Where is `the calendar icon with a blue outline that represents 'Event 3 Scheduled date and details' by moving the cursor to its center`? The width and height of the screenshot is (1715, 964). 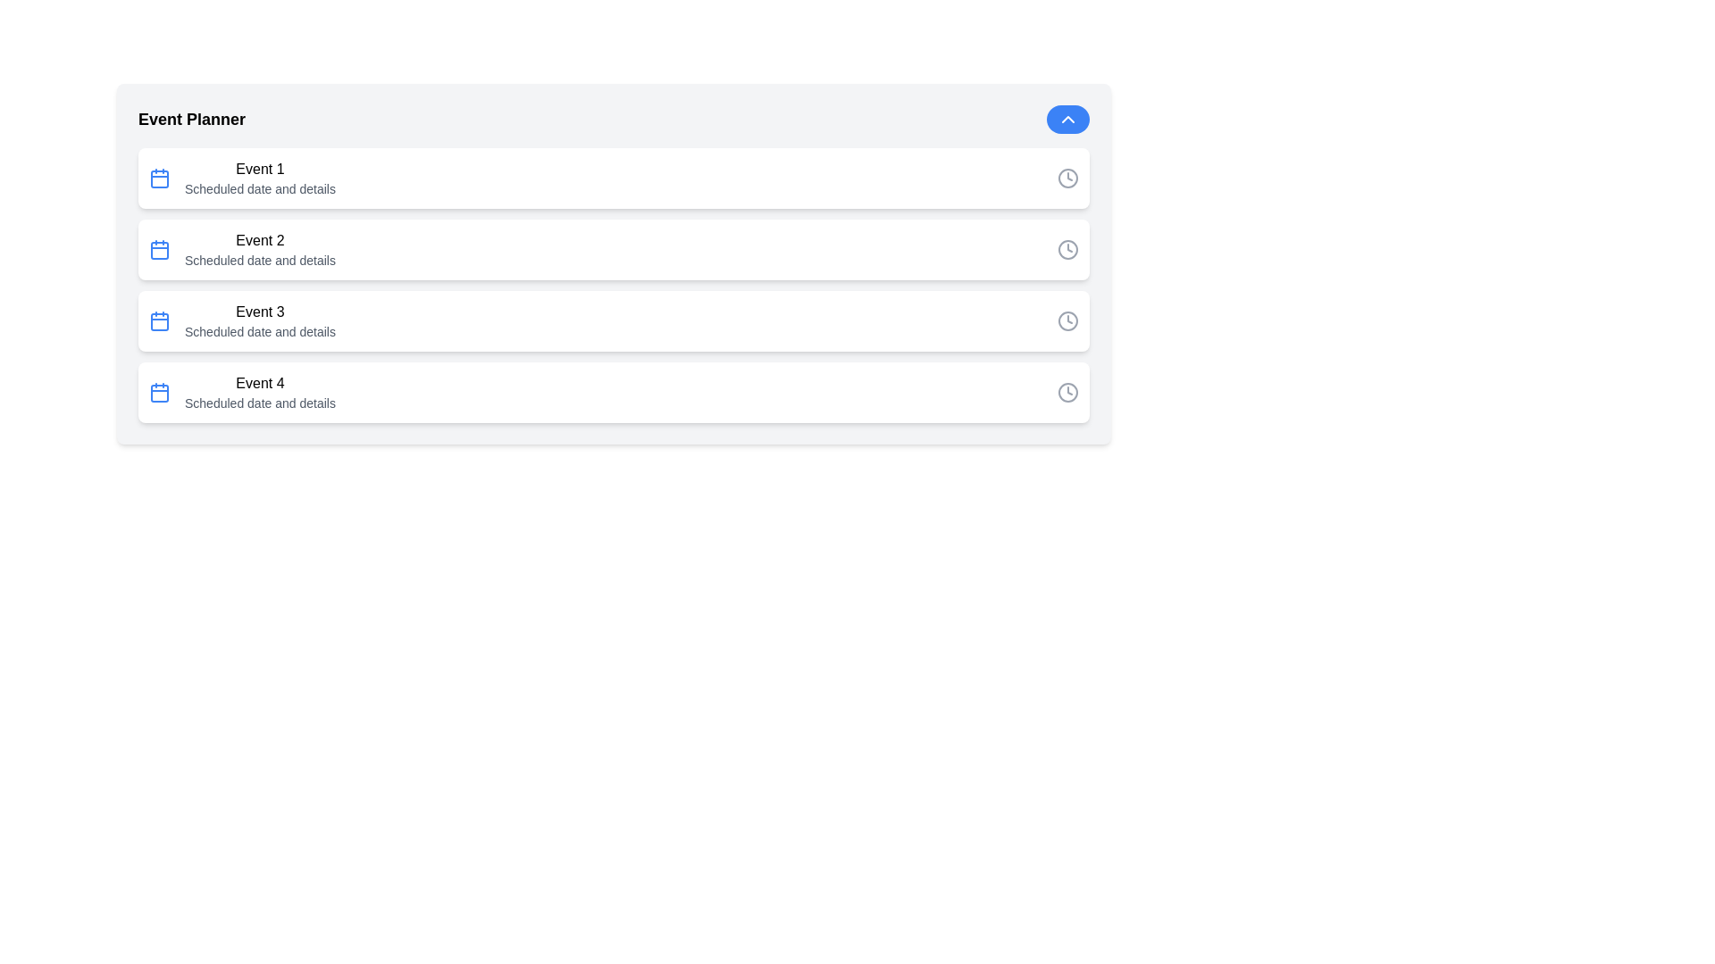 the calendar icon with a blue outline that represents 'Event 3 Scheduled date and details' by moving the cursor to its center is located at coordinates (159, 320).